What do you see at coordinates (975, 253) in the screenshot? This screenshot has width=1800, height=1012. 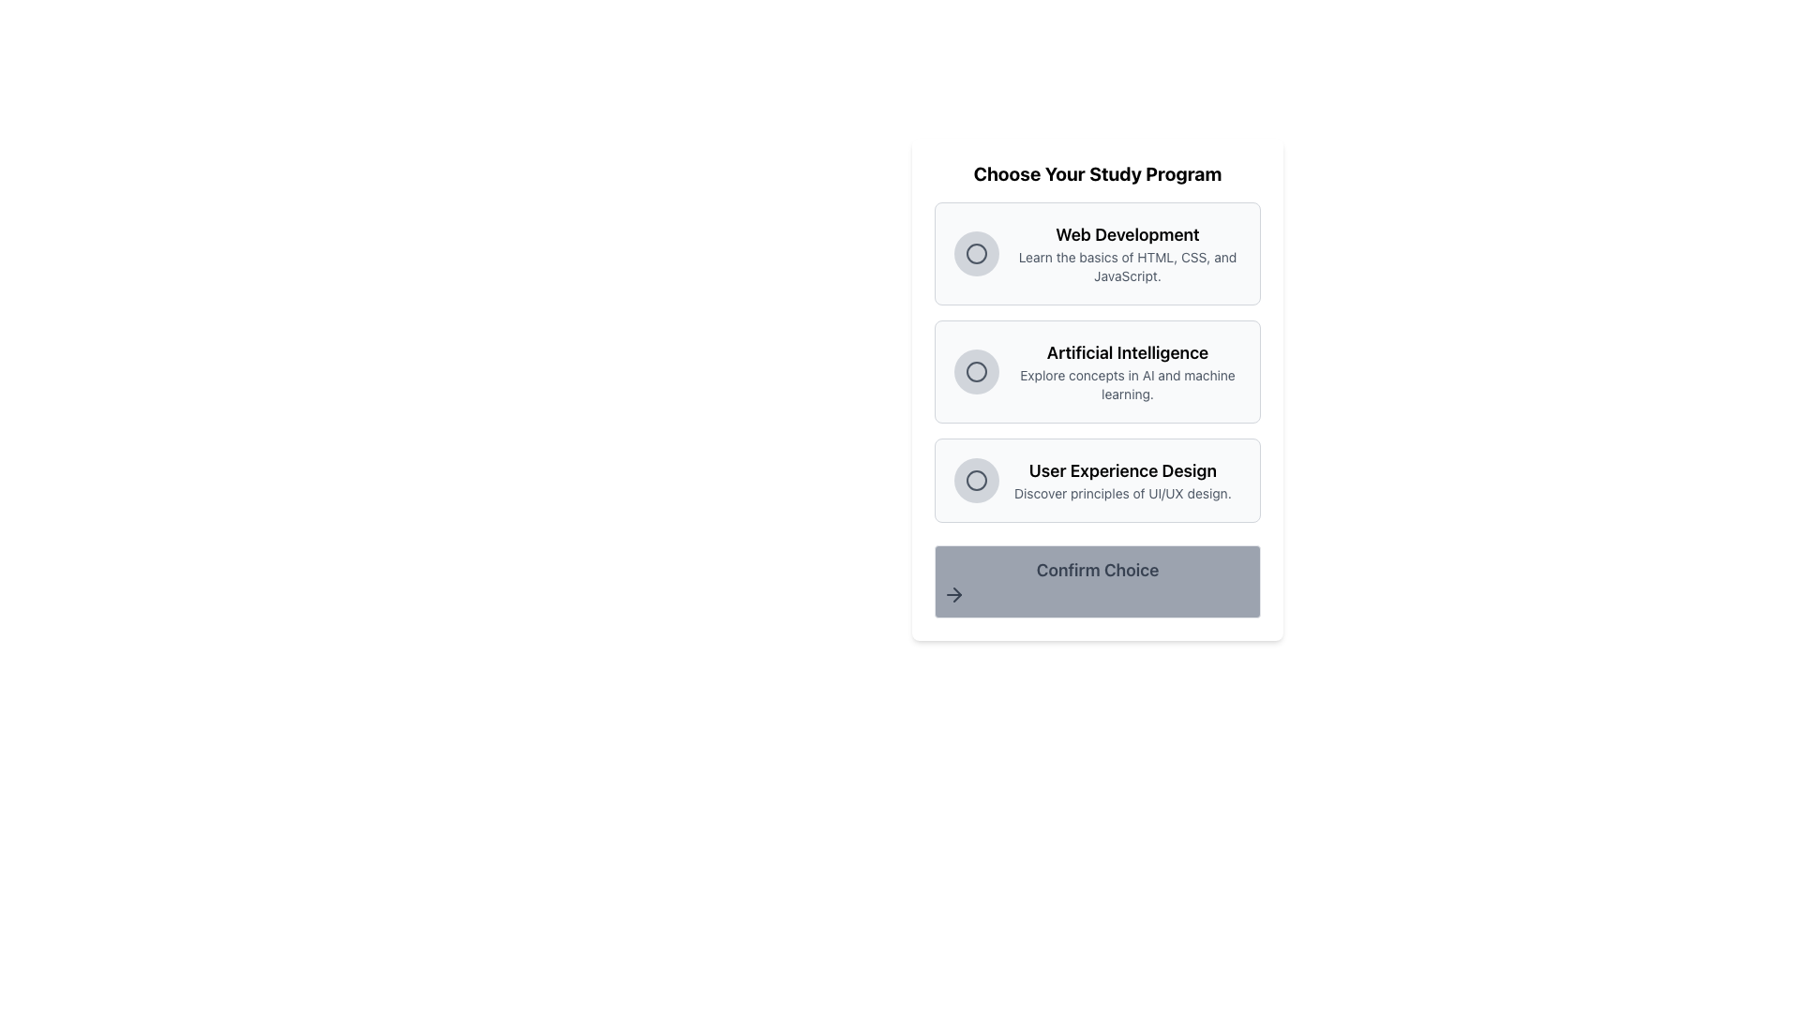 I see `the gray circular radio button with a dark outline located at the top of the 'Web Development' selection box` at bounding box center [975, 253].